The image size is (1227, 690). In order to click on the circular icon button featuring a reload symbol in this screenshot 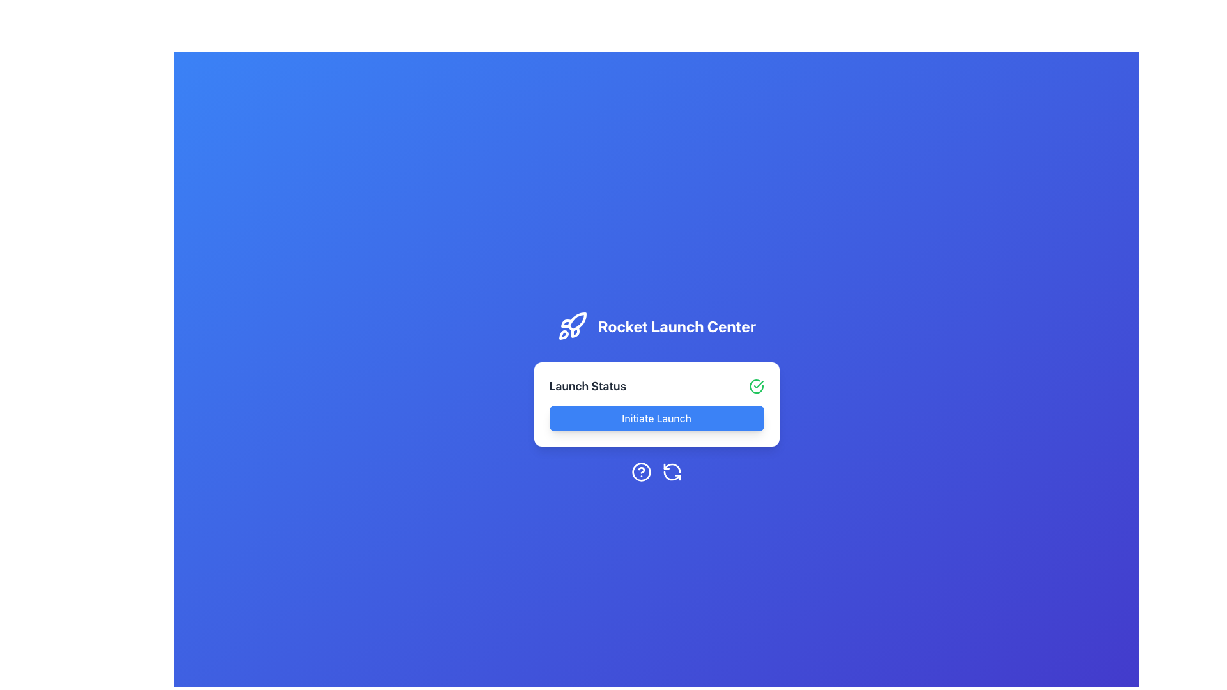, I will do `click(671, 472)`.